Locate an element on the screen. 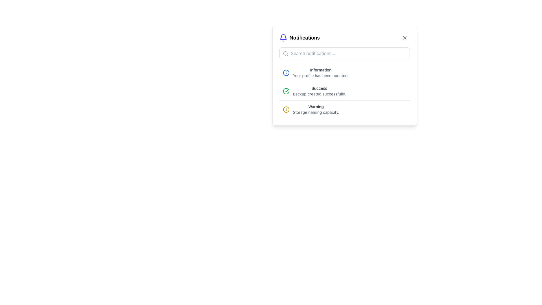 The image size is (542, 305). the magnifying glass icon located at the far left inside the search input field in the notification panel is located at coordinates (285, 53).